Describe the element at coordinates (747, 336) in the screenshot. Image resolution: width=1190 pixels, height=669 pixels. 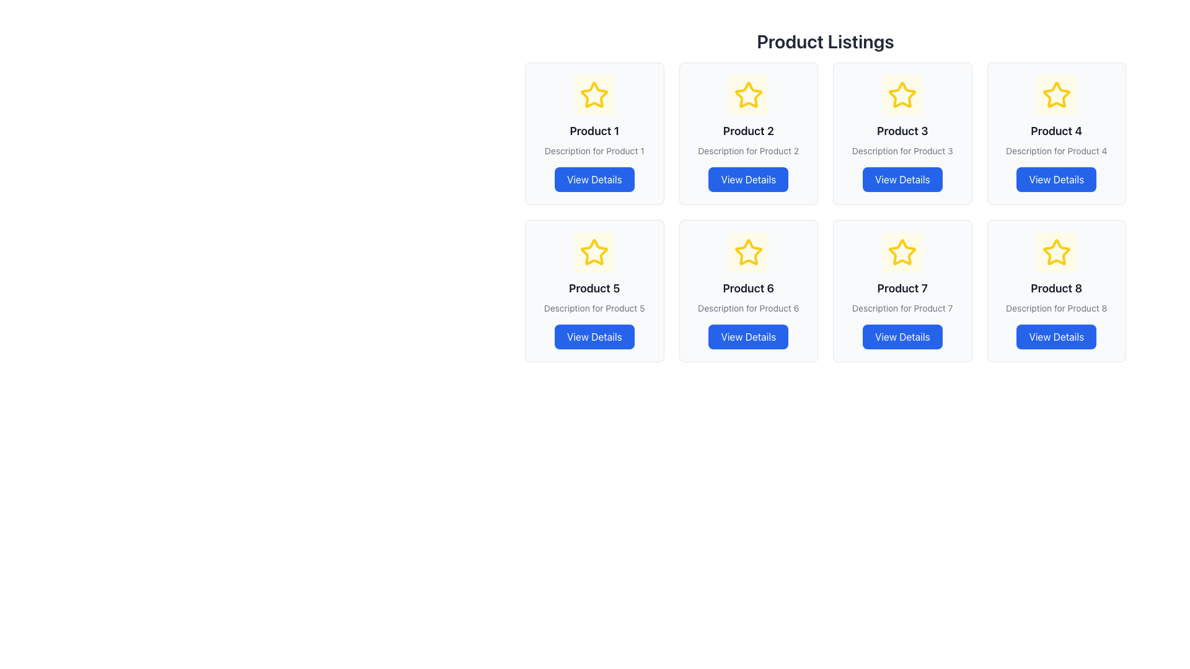
I see `the rectangular blue button labeled 'View Details' located at the bottom of the card for 'Product 6'` at that location.